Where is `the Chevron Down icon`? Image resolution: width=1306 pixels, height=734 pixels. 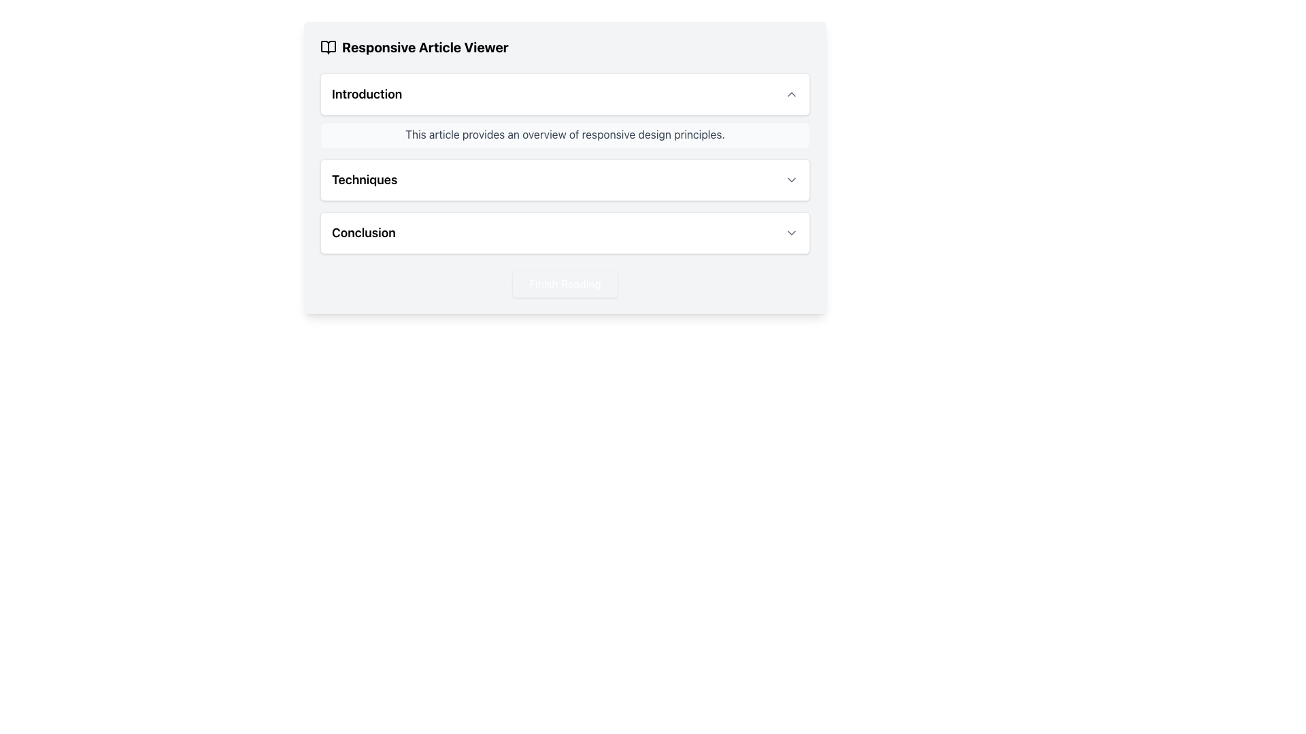 the Chevron Down icon is located at coordinates (791, 232).